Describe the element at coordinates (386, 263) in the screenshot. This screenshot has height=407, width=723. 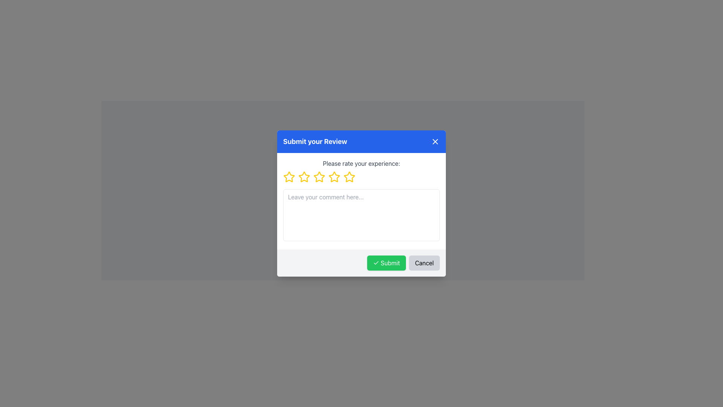
I see `the 'Submit' button located near the bottom-right corner of the modal dialog box` at that location.